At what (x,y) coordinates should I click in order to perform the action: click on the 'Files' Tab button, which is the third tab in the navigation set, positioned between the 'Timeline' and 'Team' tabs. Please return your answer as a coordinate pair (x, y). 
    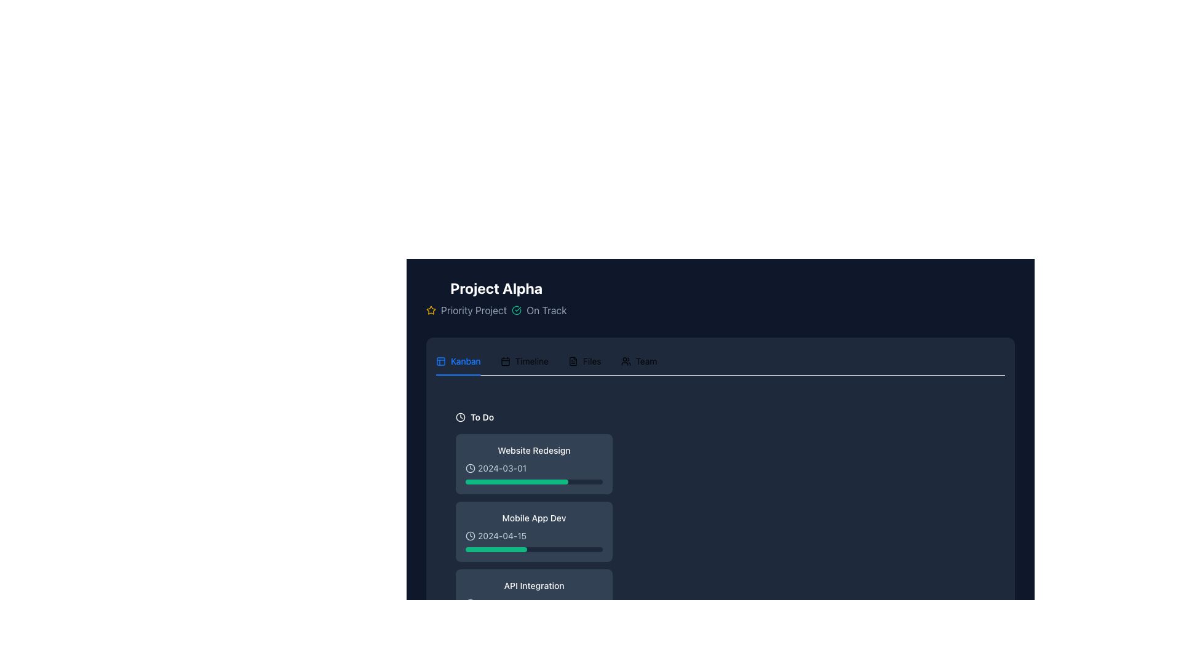
    Looking at the image, I should click on (584, 360).